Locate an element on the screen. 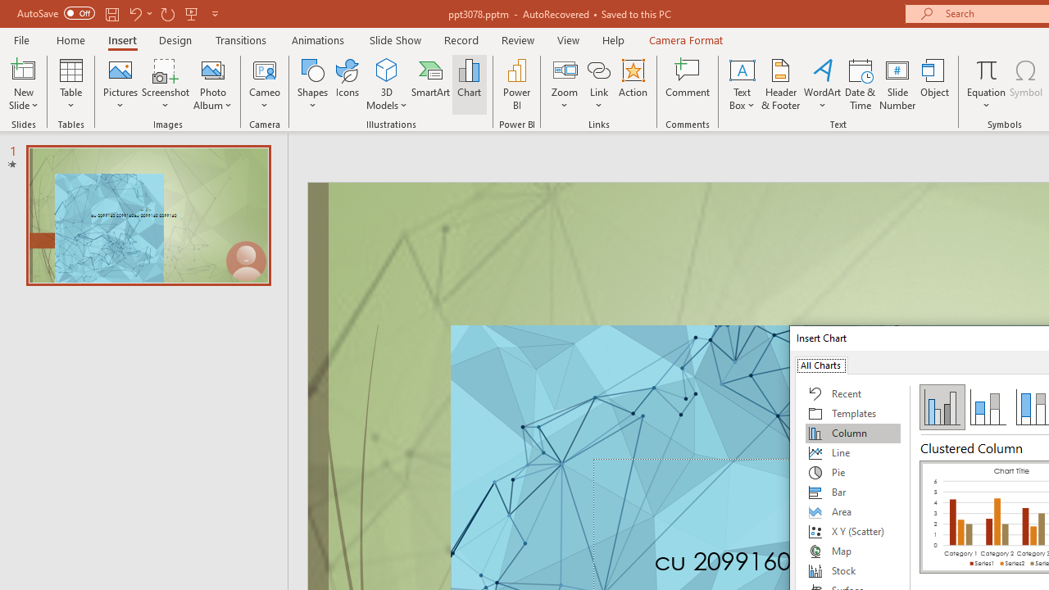 The height and width of the screenshot is (590, 1049). 'Icons' is located at coordinates (347, 84).